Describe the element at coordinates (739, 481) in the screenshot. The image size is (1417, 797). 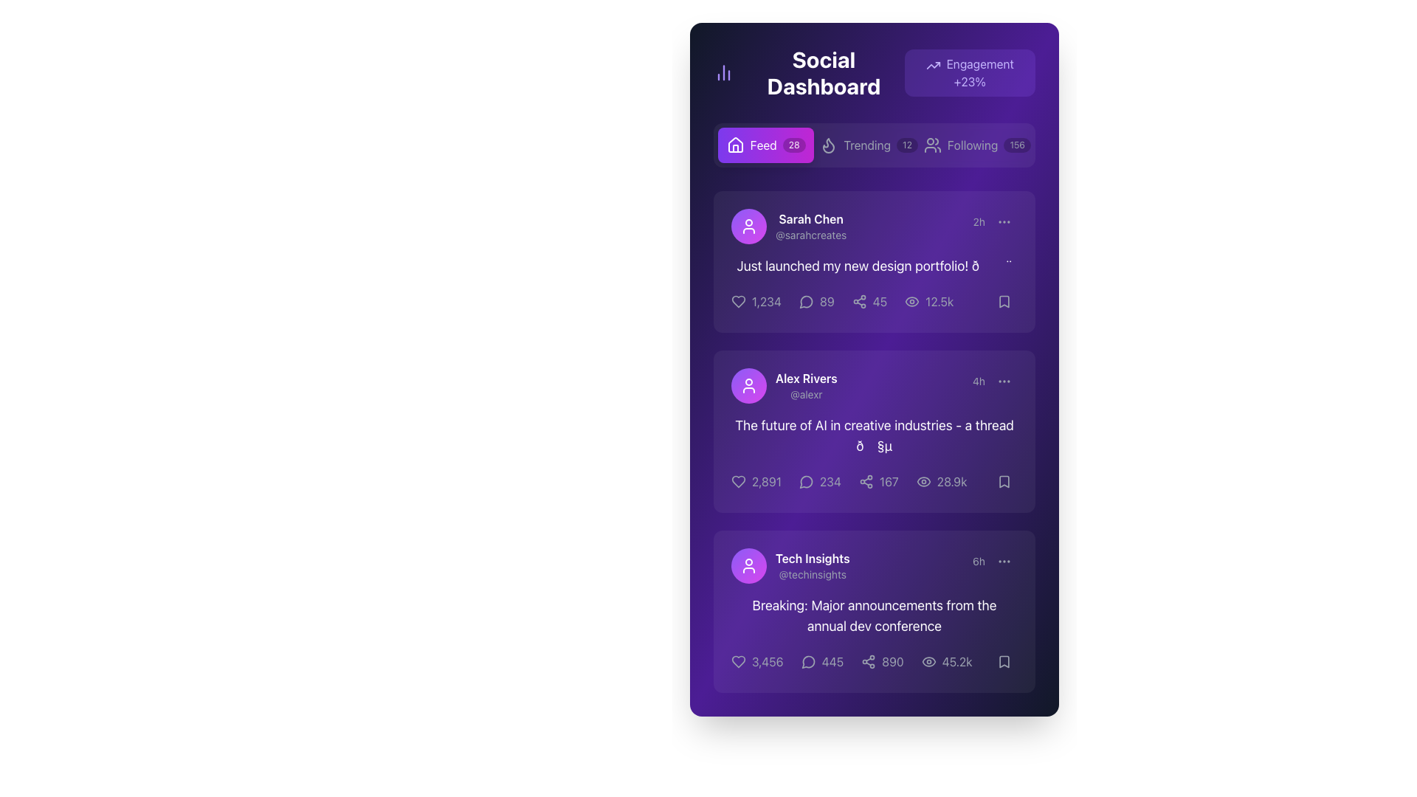
I see `the 'like' icon located in the second post of the feed panel, positioned near the bottom left corner between the comment and share icons to express approval for the content` at that location.